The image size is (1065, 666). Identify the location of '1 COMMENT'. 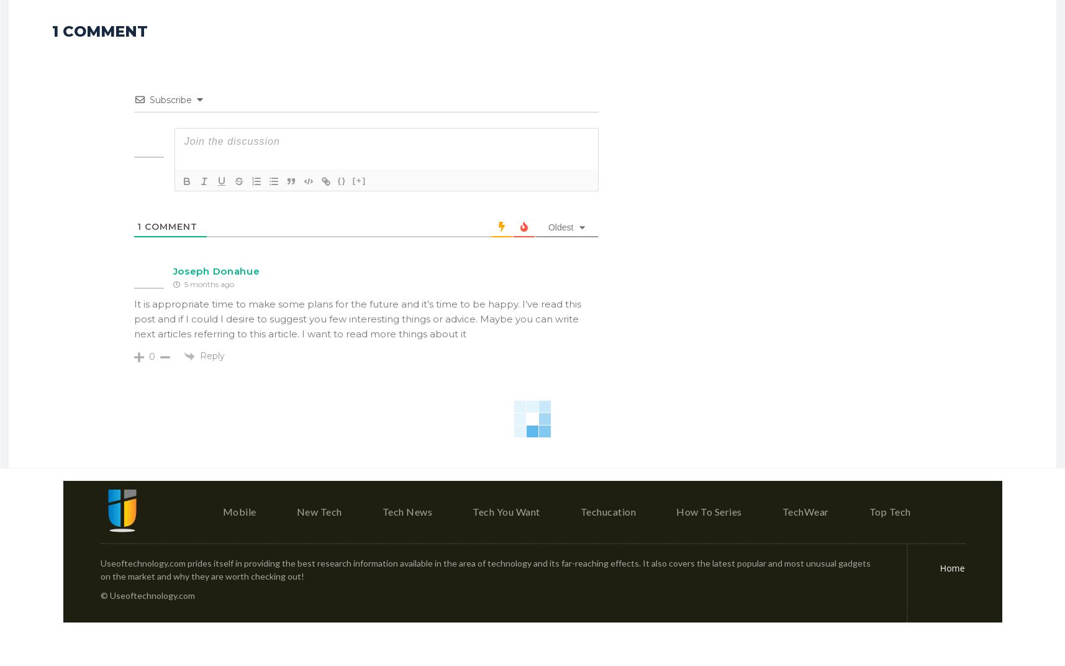
(52, 30).